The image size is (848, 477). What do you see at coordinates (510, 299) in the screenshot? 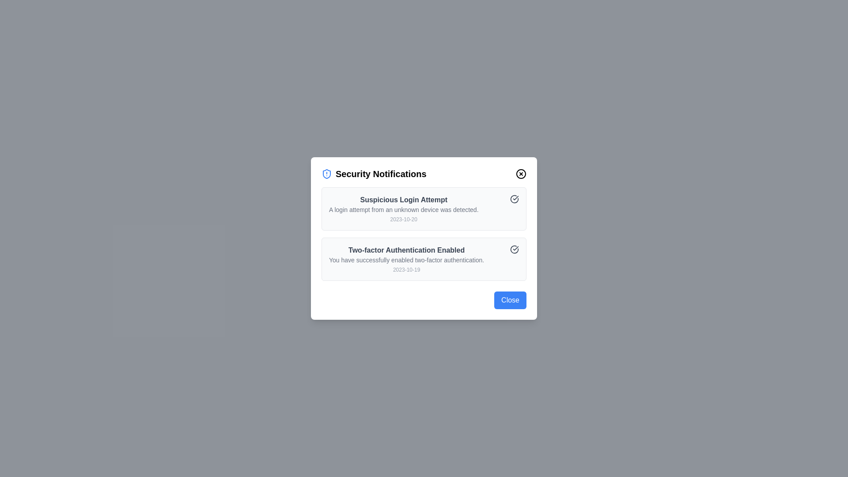
I see `the close button located in the bottom-right corner of the 'Security Notifications' dialog` at bounding box center [510, 299].